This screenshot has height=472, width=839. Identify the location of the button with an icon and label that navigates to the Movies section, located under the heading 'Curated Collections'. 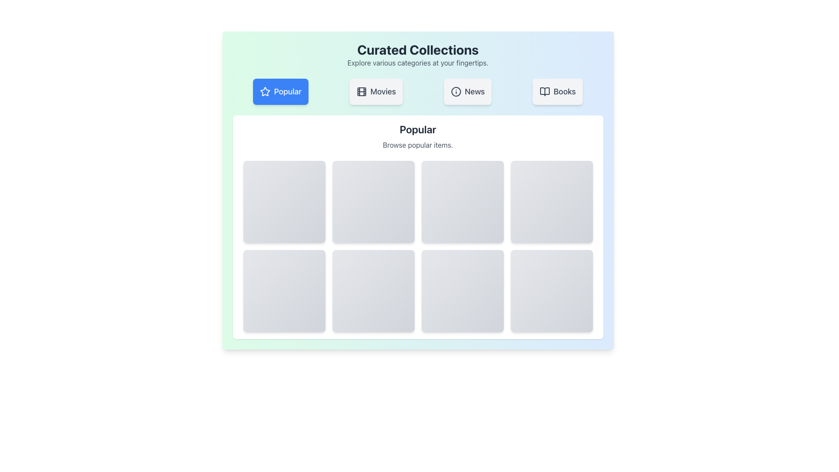
(376, 91).